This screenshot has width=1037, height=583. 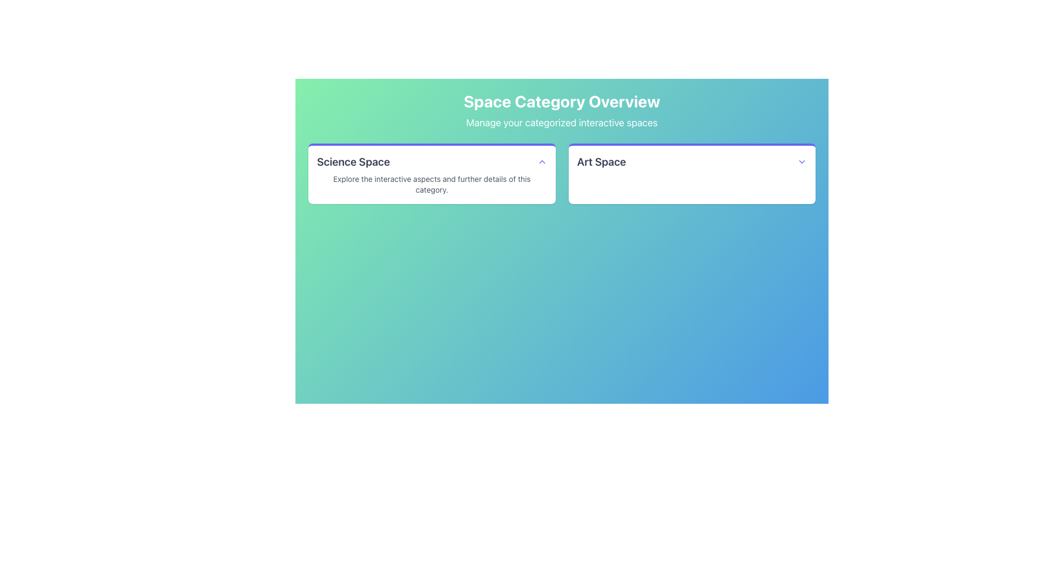 I want to click on the static text element located beneath the header 'Space Category Overview', which serves as a descriptive subtitle for additional context, so click(x=562, y=122).